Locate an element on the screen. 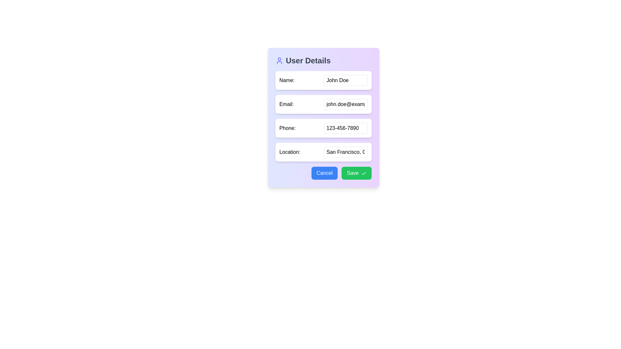  the cancel button, which is the first button from the left in the row at the bottom of the central card interface, to observe visual feedback is located at coordinates (324, 173).